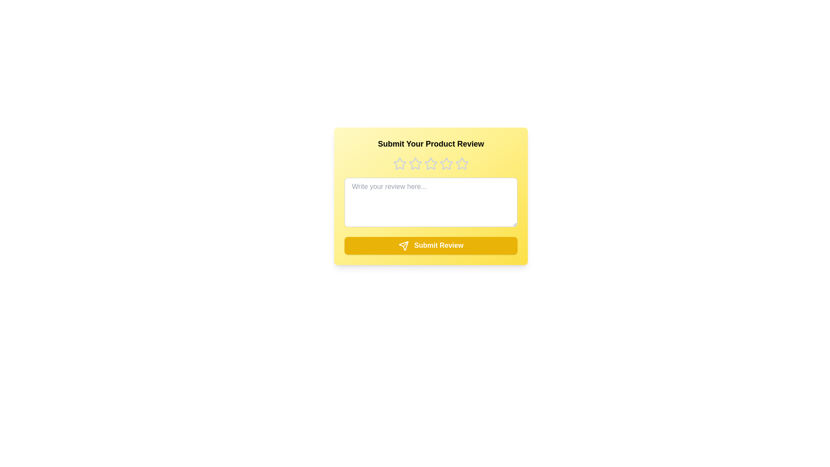  What do you see at coordinates (462, 163) in the screenshot?
I see `the last star-shaped rating icon in the horizontal row of stars` at bounding box center [462, 163].